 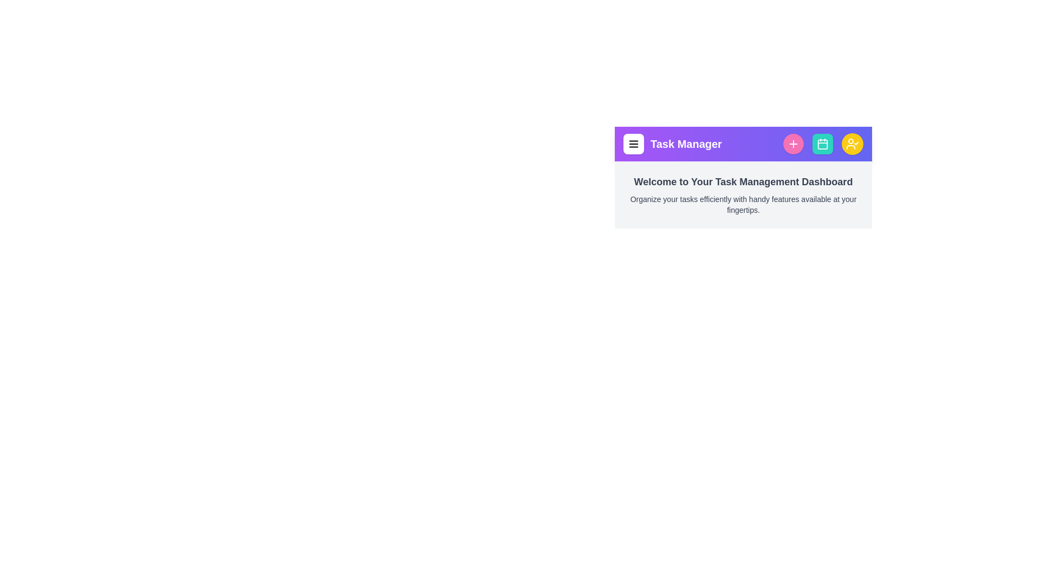 I want to click on plus button to add a new task, so click(x=793, y=144).